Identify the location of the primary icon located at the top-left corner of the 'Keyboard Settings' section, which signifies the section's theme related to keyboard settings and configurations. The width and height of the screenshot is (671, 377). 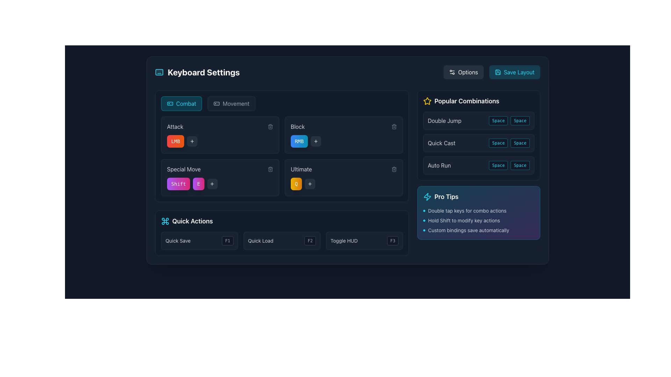
(159, 72).